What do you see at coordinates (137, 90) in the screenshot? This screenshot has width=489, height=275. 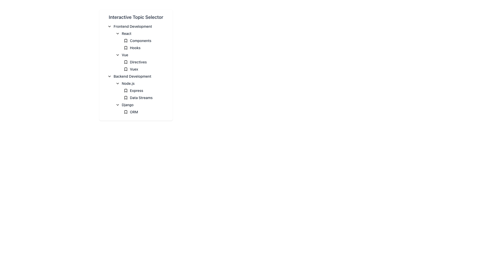 I see `the text label displaying 'Express' which is styled in gray and located next to a bookmark icon in the 'Backend Development' section` at bounding box center [137, 90].